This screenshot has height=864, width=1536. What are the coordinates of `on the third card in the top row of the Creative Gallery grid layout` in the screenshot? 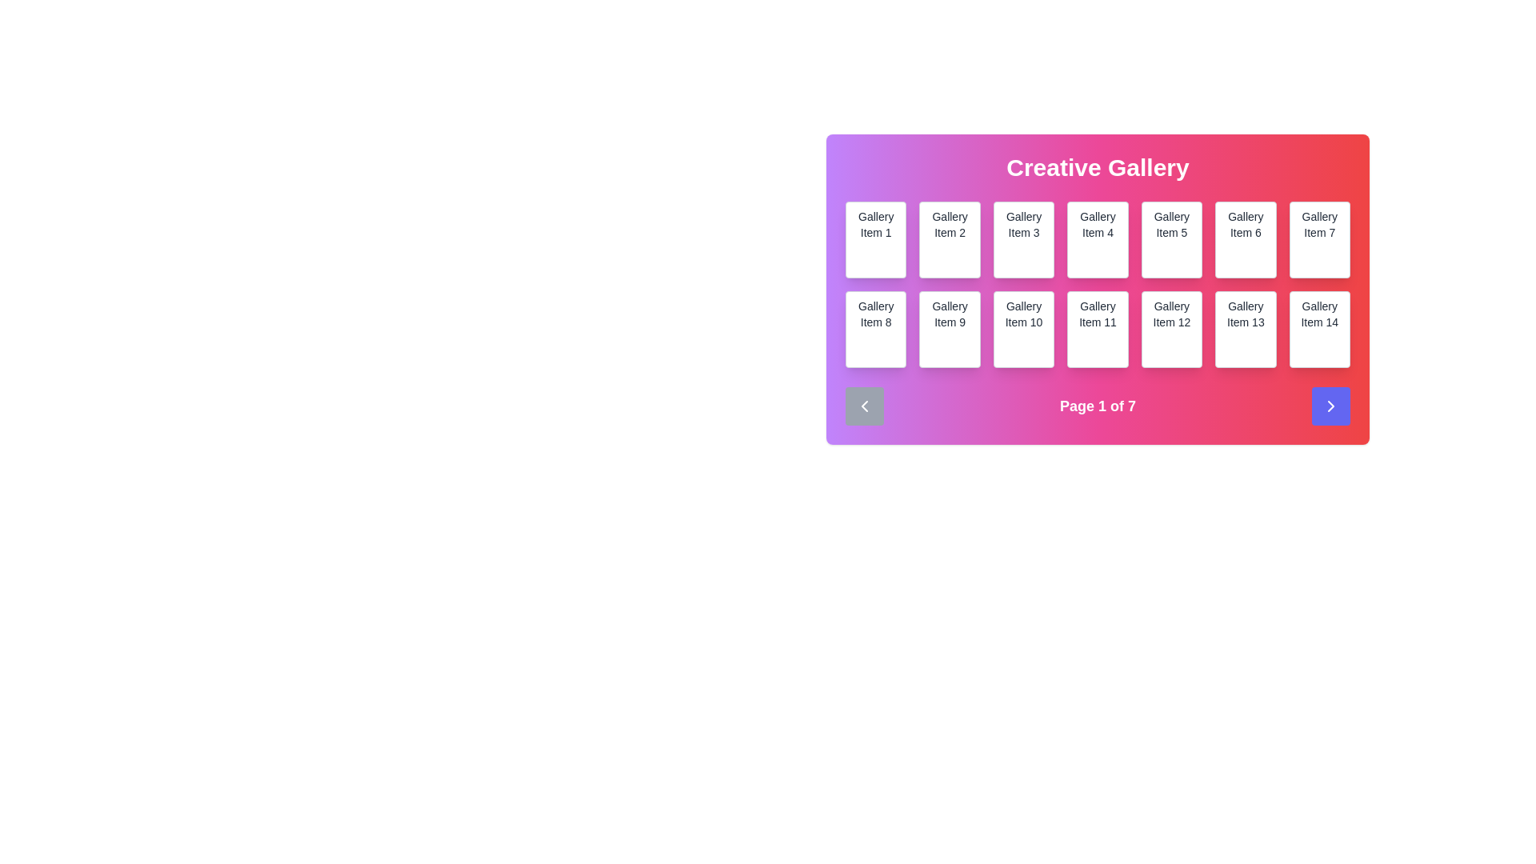 It's located at (1024, 240).